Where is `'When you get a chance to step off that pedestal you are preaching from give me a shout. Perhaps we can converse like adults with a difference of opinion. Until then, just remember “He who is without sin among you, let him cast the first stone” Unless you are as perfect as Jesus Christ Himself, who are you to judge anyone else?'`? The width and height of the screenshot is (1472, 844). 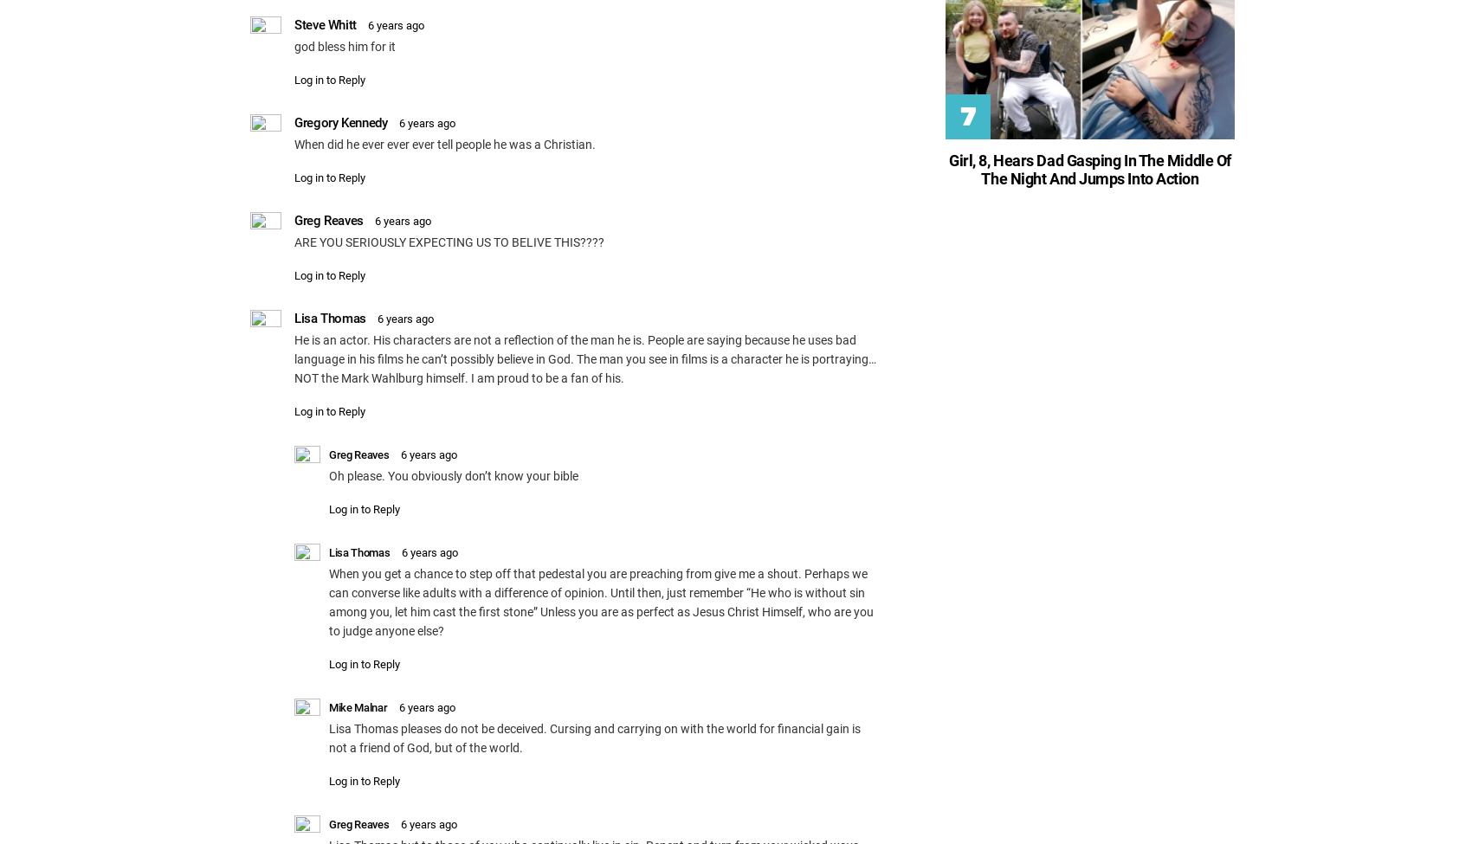 'When you get a chance to step off that pedestal you are preaching from give me a shout. Perhaps we can converse like adults with a difference of opinion. Until then, just remember “He who is without sin among you, let him cast the first stone” Unless you are as perfect as Jesus Christ Himself, who are you to judge anyone else?' is located at coordinates (601, 600).